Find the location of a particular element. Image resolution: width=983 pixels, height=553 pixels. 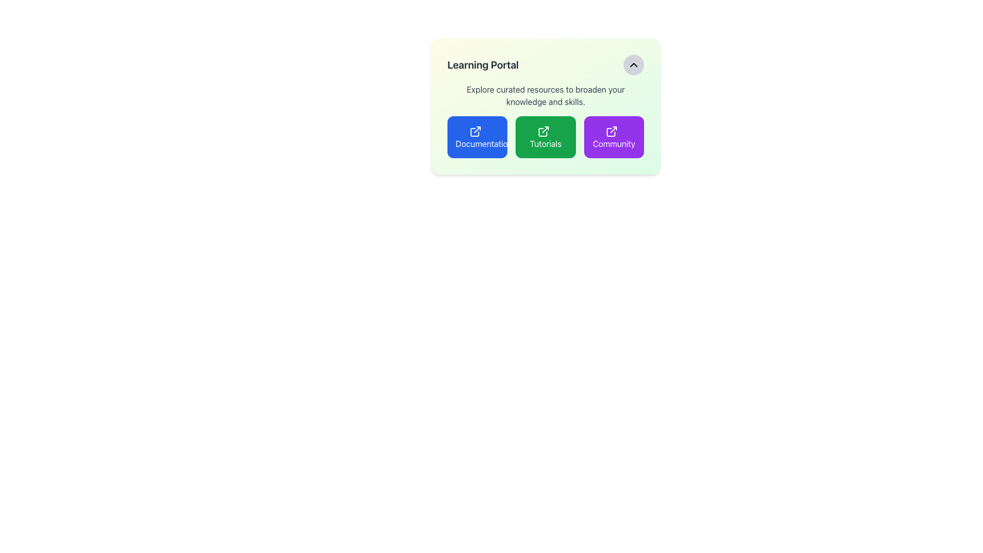

the tutorials button located in the middle of a three-button row to trigger hover effects is located at coordinates (545, 136).